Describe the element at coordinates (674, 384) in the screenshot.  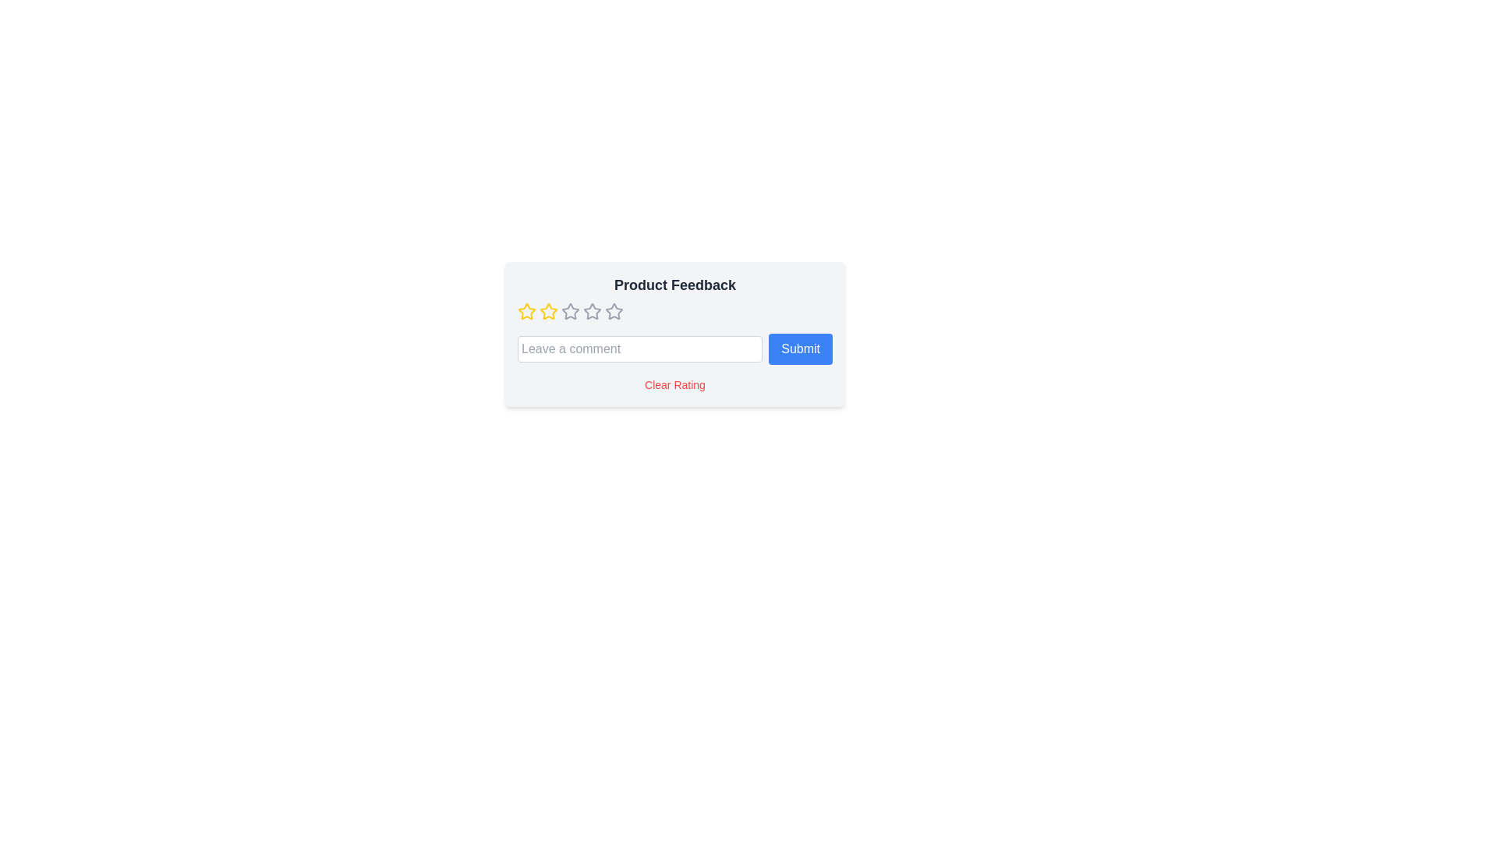
I see `the 'Clear Rating' button to reset the rating to 0` at that location.